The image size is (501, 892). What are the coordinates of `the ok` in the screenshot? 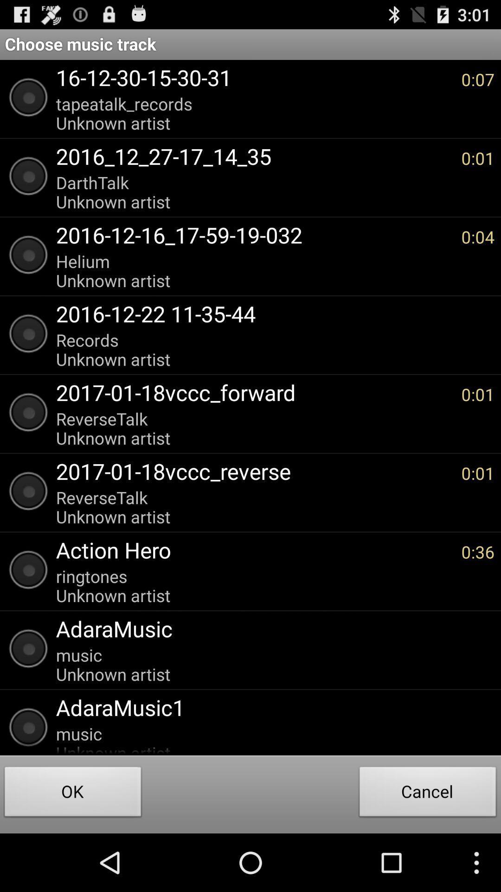 It's located at (72, 794).